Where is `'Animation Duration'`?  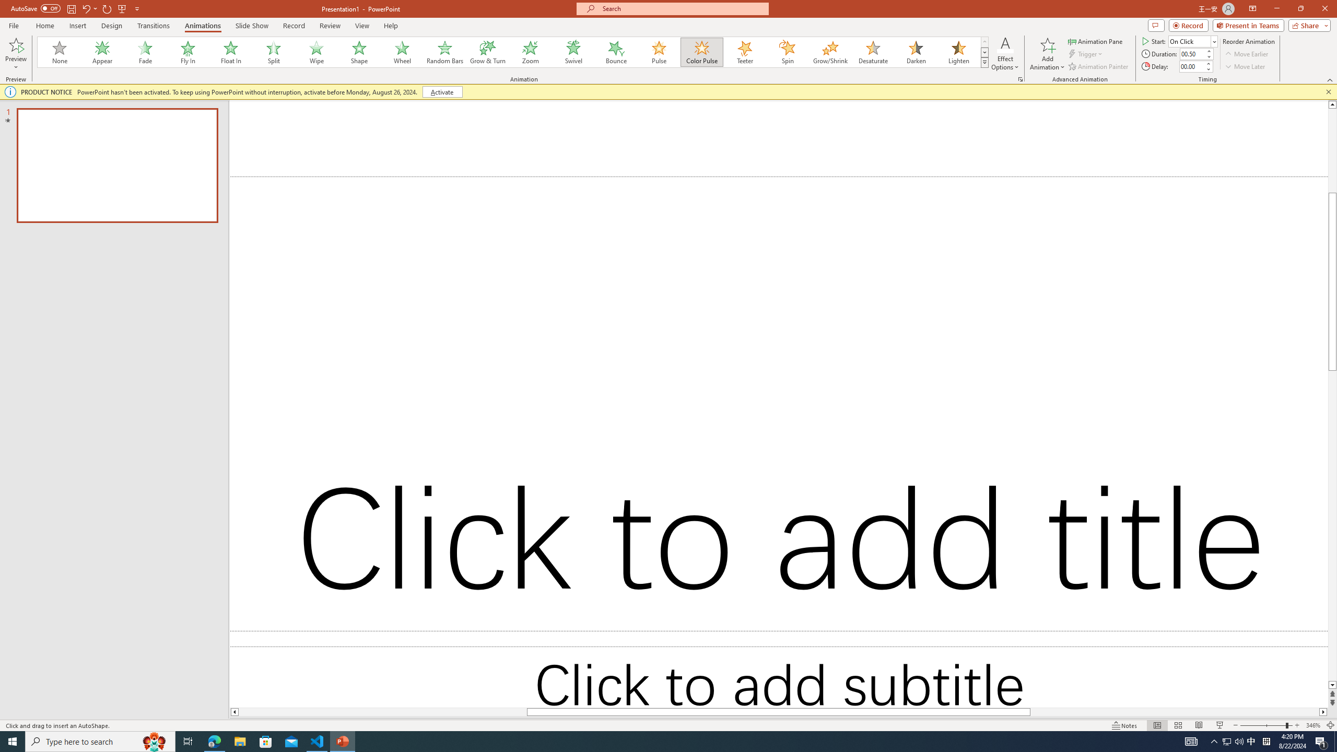 'Animation Duration' is located at coordinates (1192, 53).